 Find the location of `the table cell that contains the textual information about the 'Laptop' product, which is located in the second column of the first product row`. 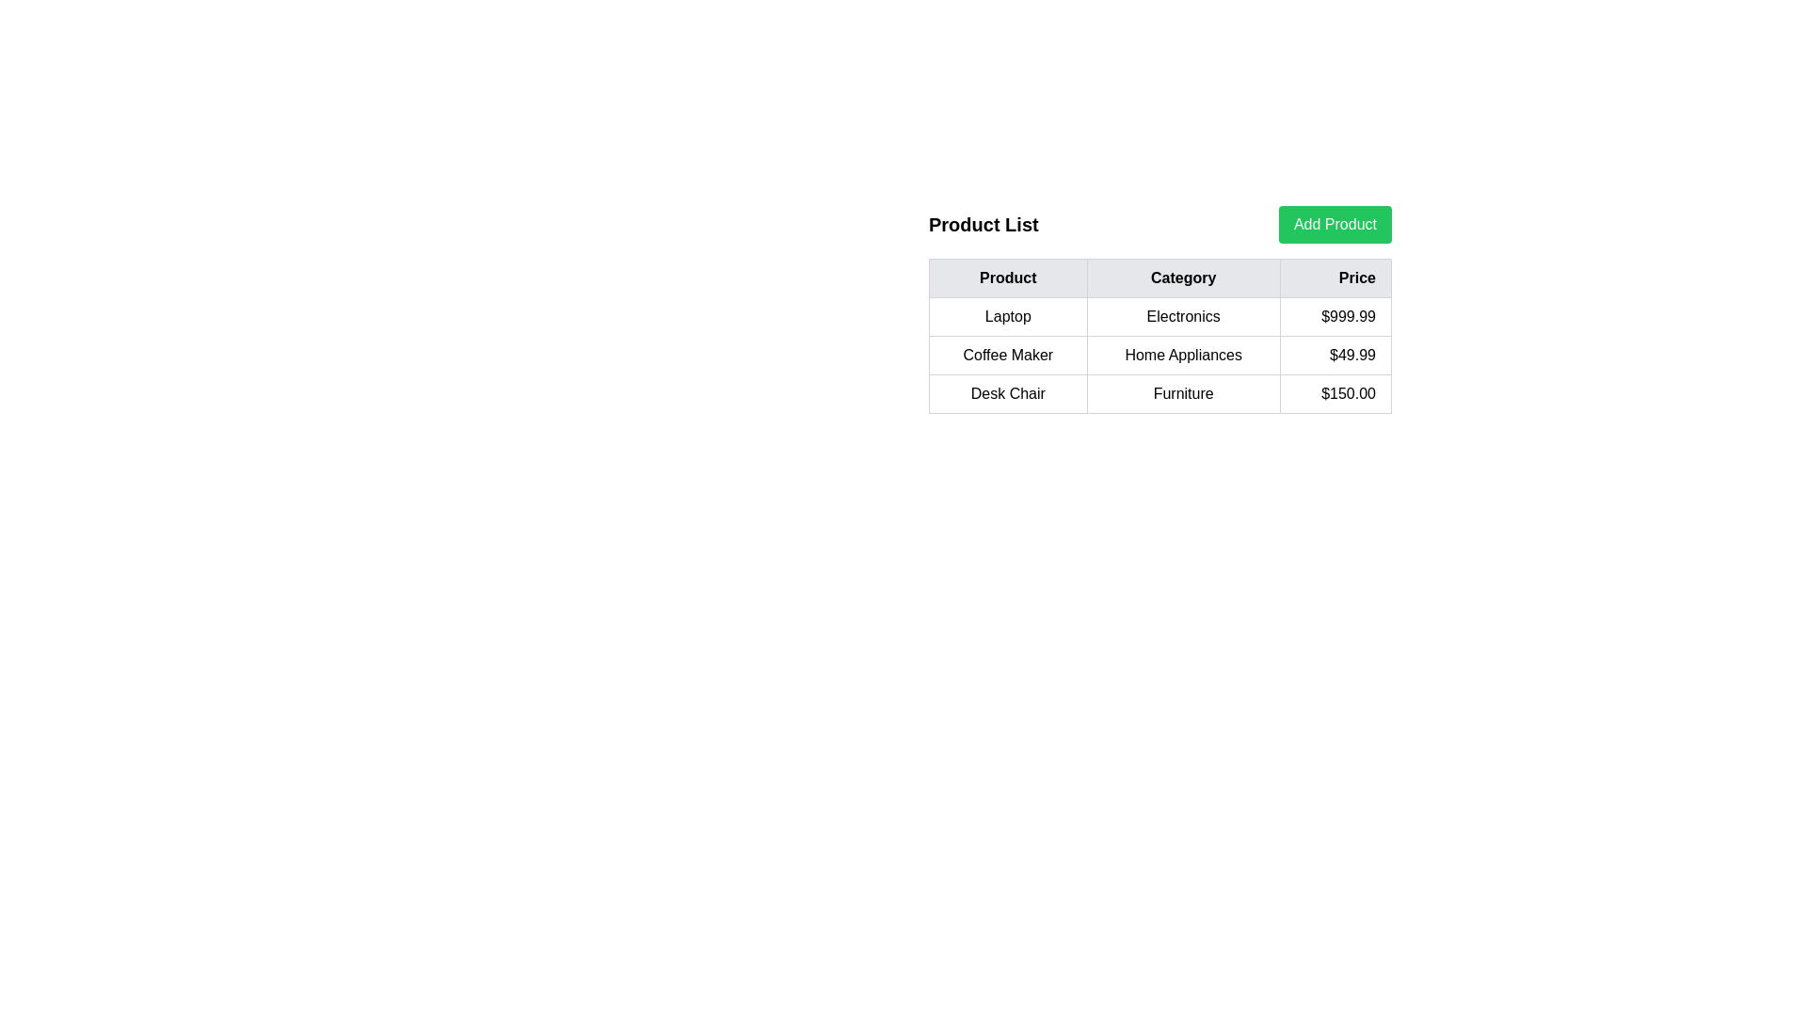

the table cell that contains the textual information about the 'Laptop' product, which is located in the second column of the first product row is located at coordinates (1159, 309).